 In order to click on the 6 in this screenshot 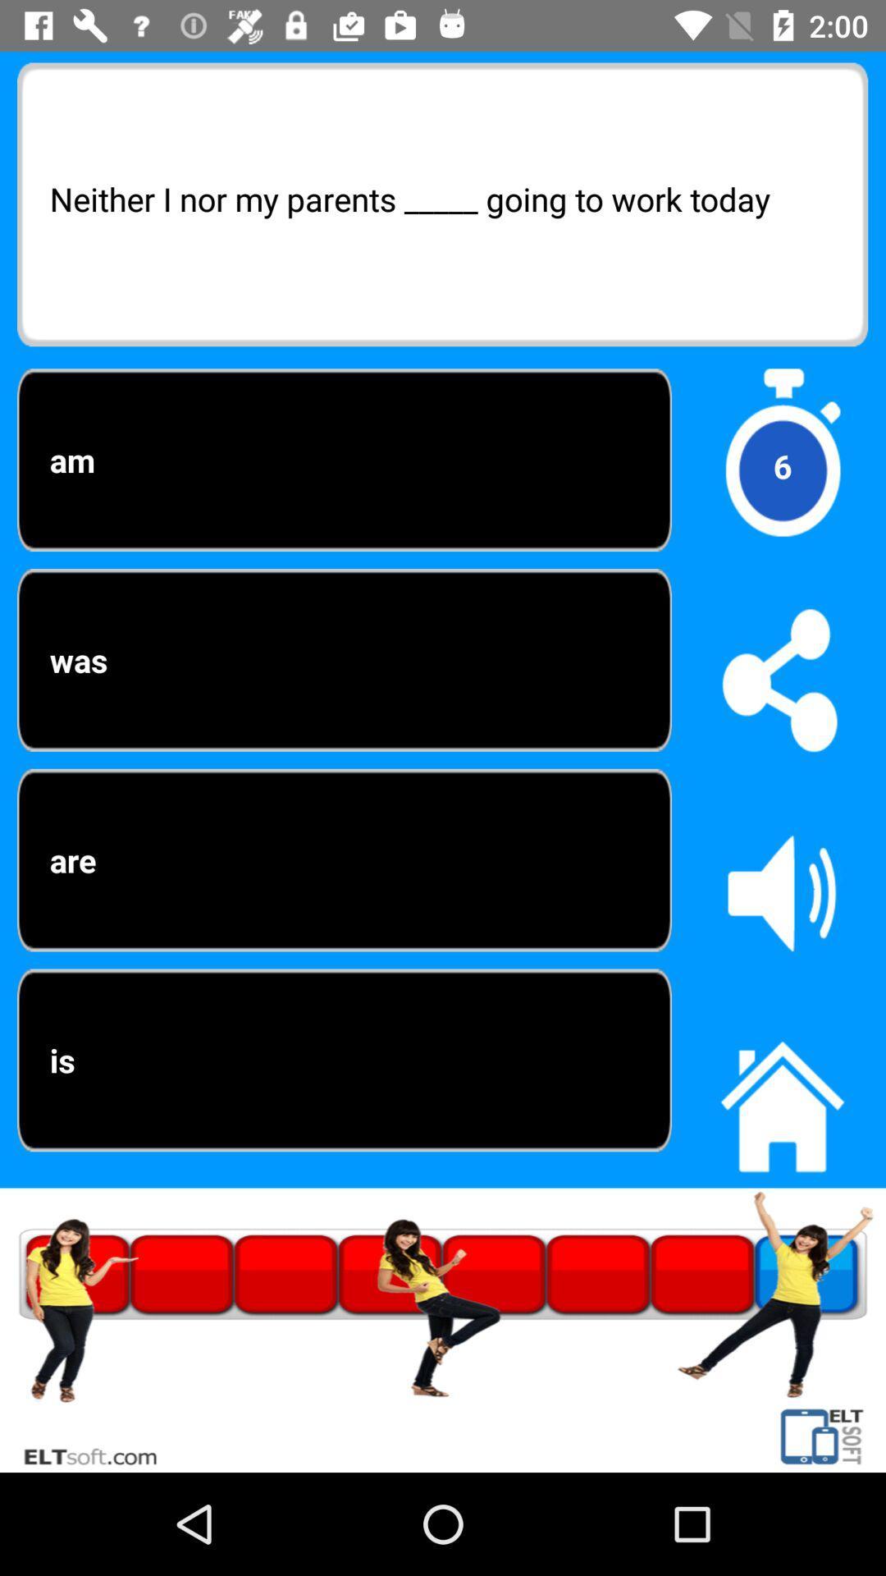, I will do `click(781, 465)`.